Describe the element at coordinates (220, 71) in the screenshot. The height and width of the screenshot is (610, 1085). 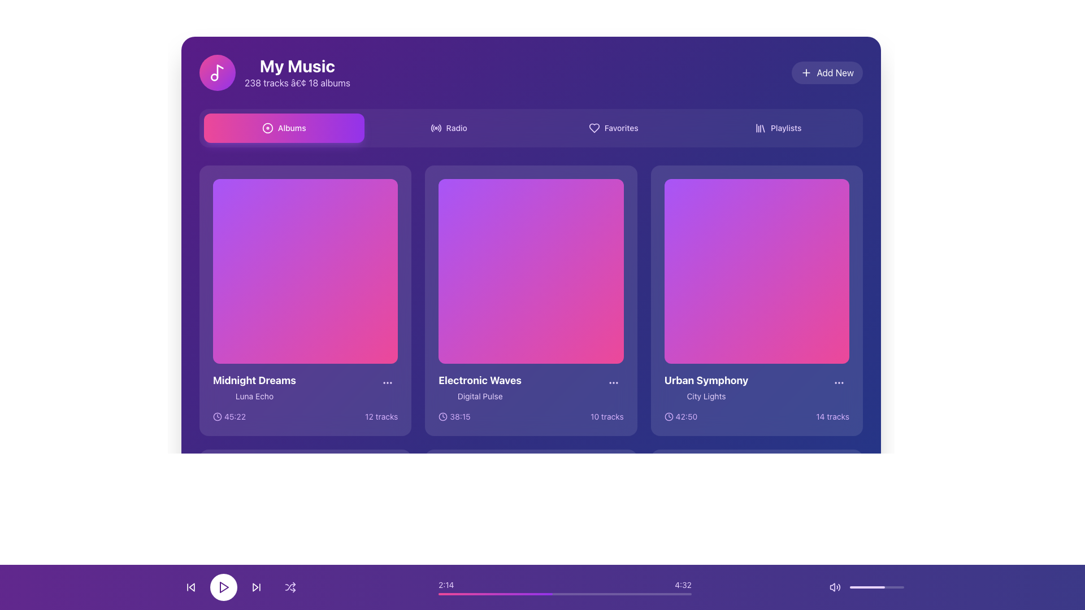
I see `the music-related SVG icon located at the top-left of the sidebar, adjacent to the 'My Music' header text` at that location.